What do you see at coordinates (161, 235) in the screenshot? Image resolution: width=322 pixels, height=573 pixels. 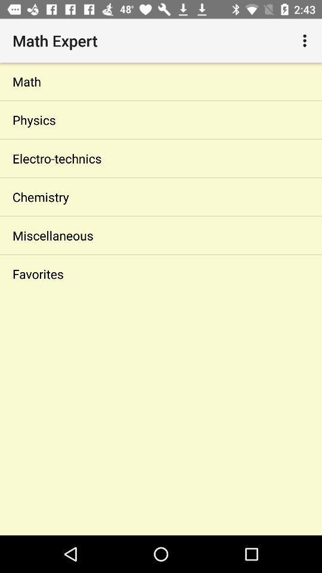 I see `the miscellaneous icon` at bounding box center [161, 235].